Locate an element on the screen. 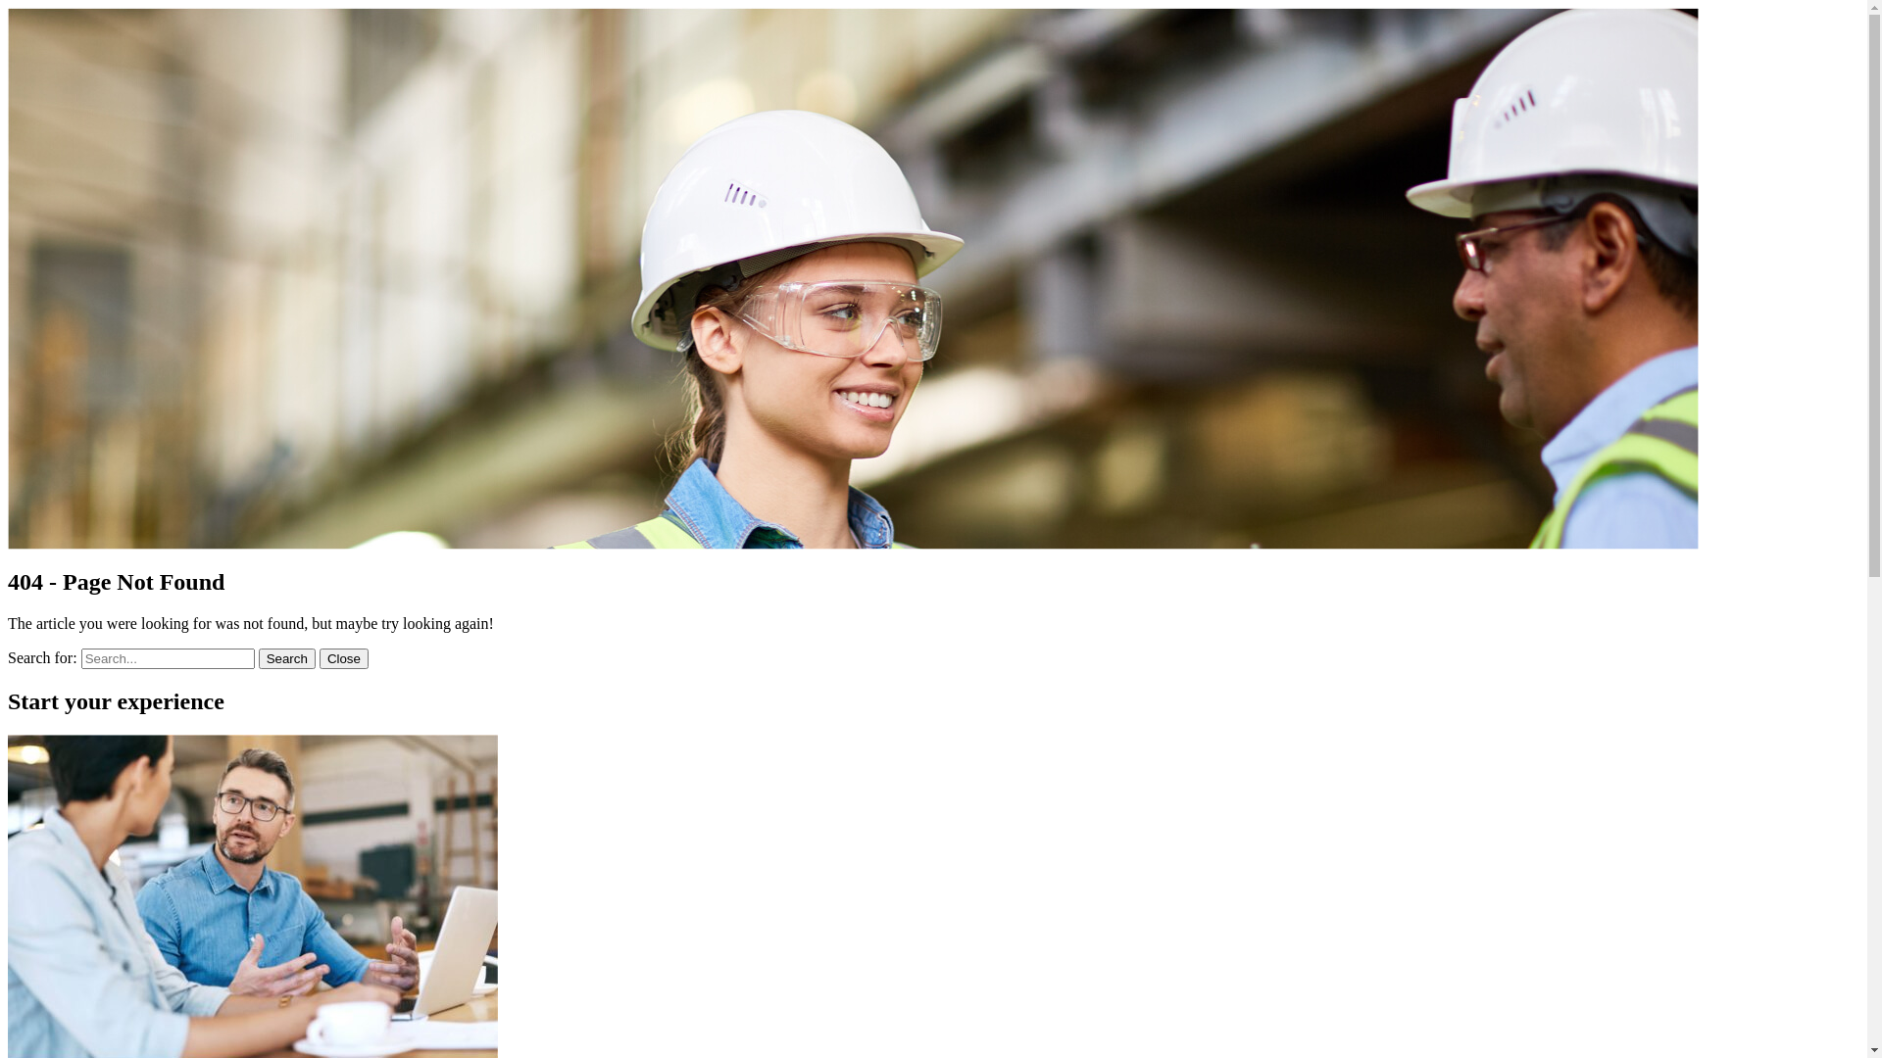  'Search for:' is located at coordinates (168, 658).